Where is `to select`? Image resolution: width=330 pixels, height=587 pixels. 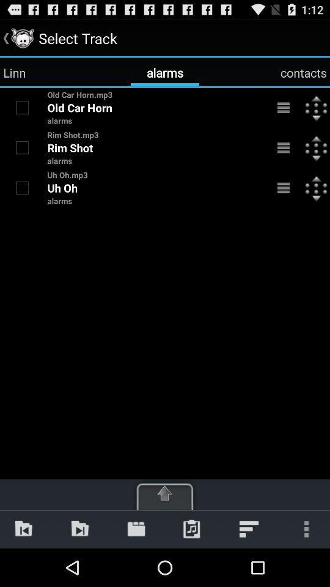 to select is located at coordinates (22, 107).